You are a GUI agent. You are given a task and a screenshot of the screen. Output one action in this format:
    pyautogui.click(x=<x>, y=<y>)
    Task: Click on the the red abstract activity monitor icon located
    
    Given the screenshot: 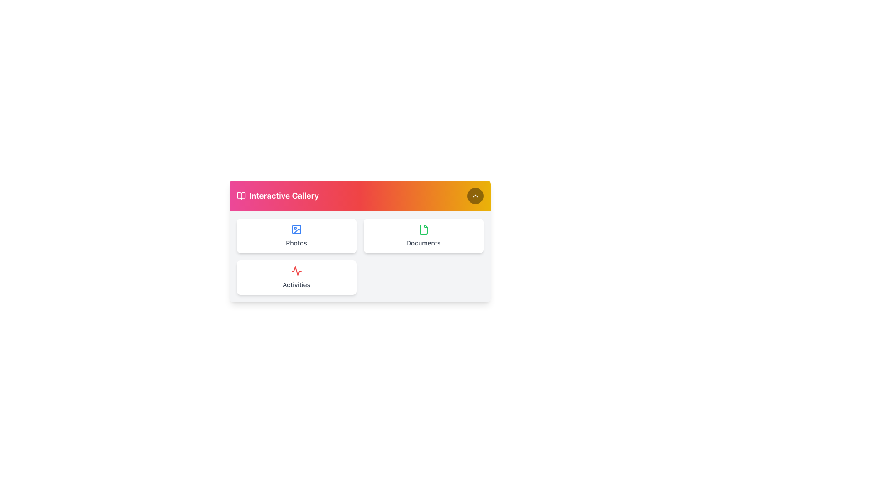 What is the action you would take?
    pyautogui.click(x=296, y=270)
    